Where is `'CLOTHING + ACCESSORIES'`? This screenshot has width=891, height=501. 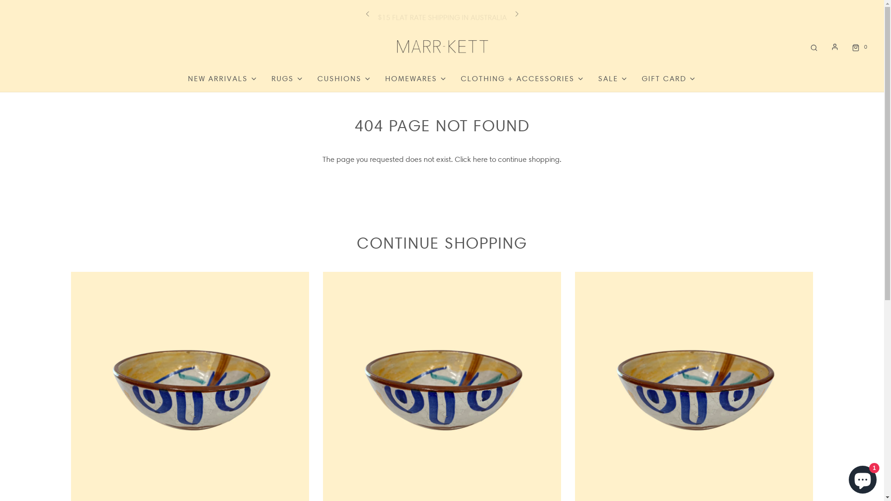
'CLOTHING + ACCESSORIES' is located at coordinates (461, 78).